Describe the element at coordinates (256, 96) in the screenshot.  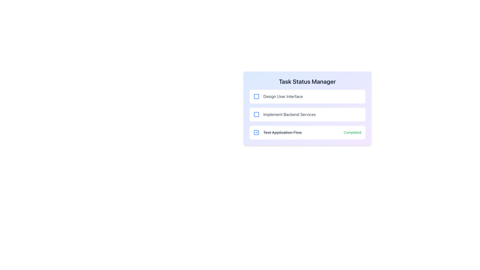
I see `the checkbox with a blue border next to the text 'Design User Interface'` at that location.